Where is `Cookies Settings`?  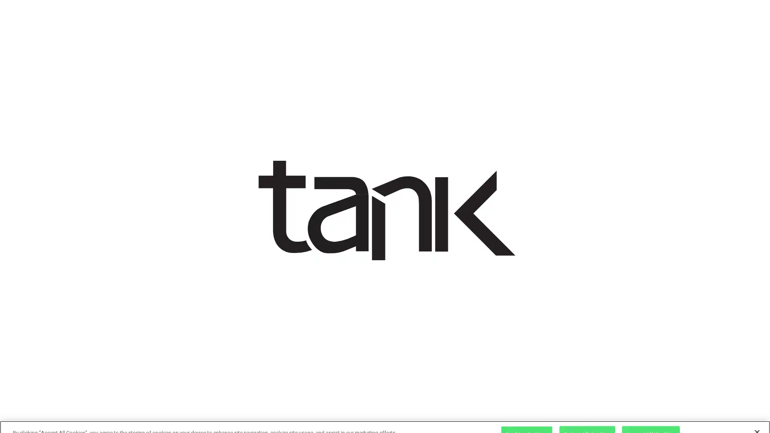 Cookies Settings is located at coordinates (527, 420).